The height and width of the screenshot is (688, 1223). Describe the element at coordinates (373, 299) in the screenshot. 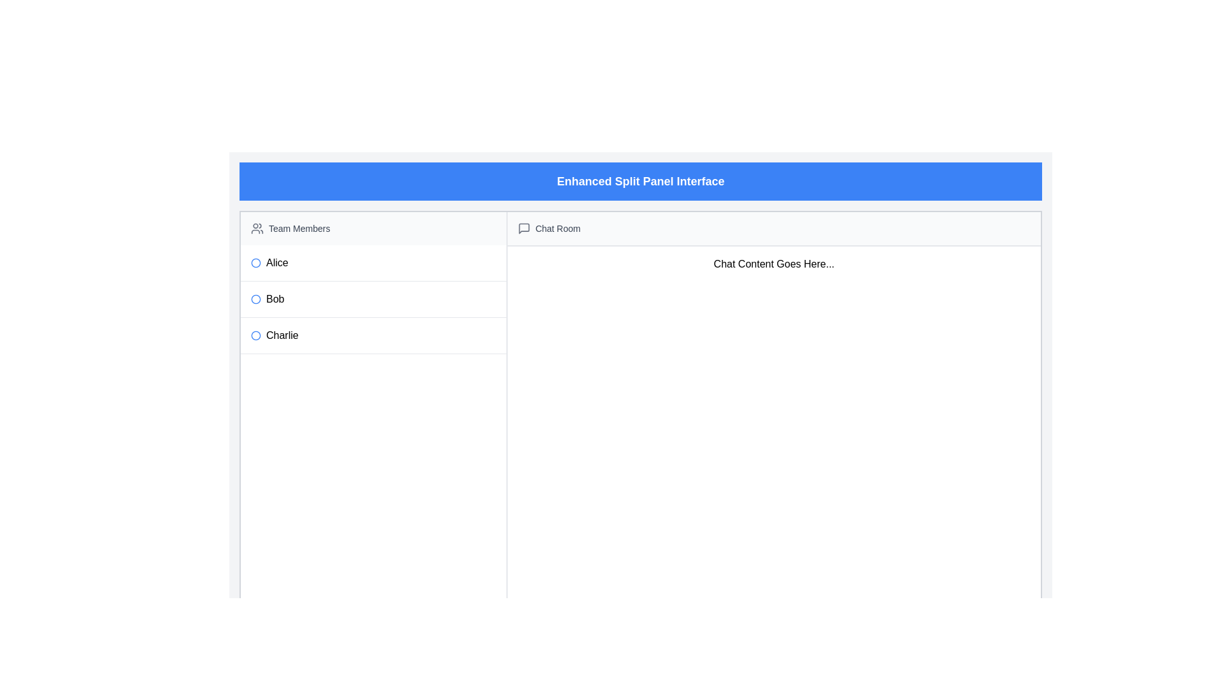

I see `the list item representing the user named 'Bob'` at that location.